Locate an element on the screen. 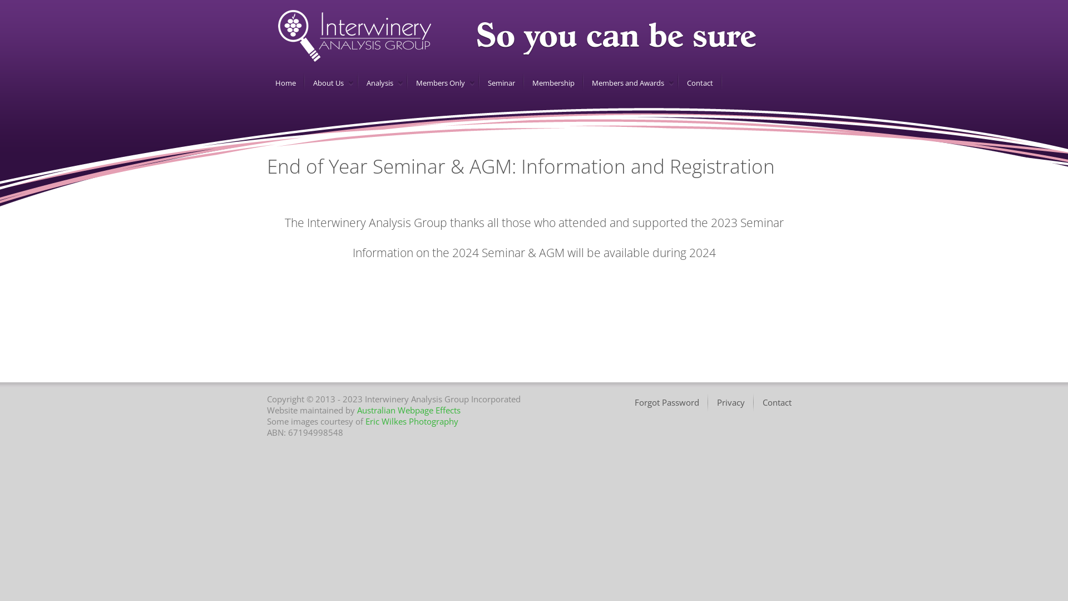  'Members and Awards' is located at coordinates (626, 82).